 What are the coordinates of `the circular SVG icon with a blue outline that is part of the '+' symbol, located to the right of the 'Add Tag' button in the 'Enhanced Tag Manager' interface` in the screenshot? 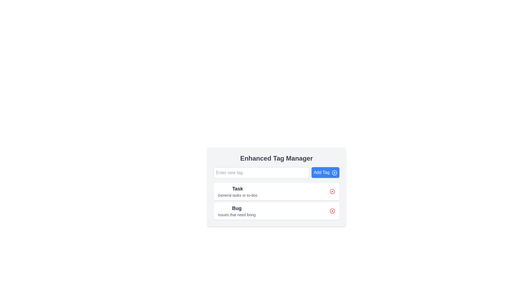 It's located at (334, 173).